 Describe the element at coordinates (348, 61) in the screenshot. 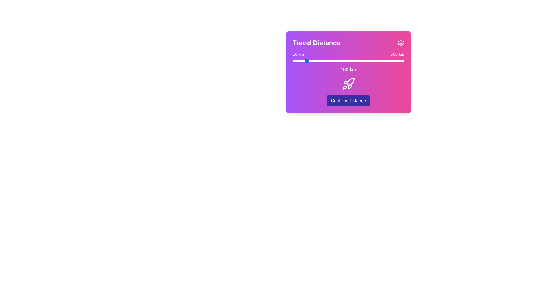

I see `the travel distance` at that location.